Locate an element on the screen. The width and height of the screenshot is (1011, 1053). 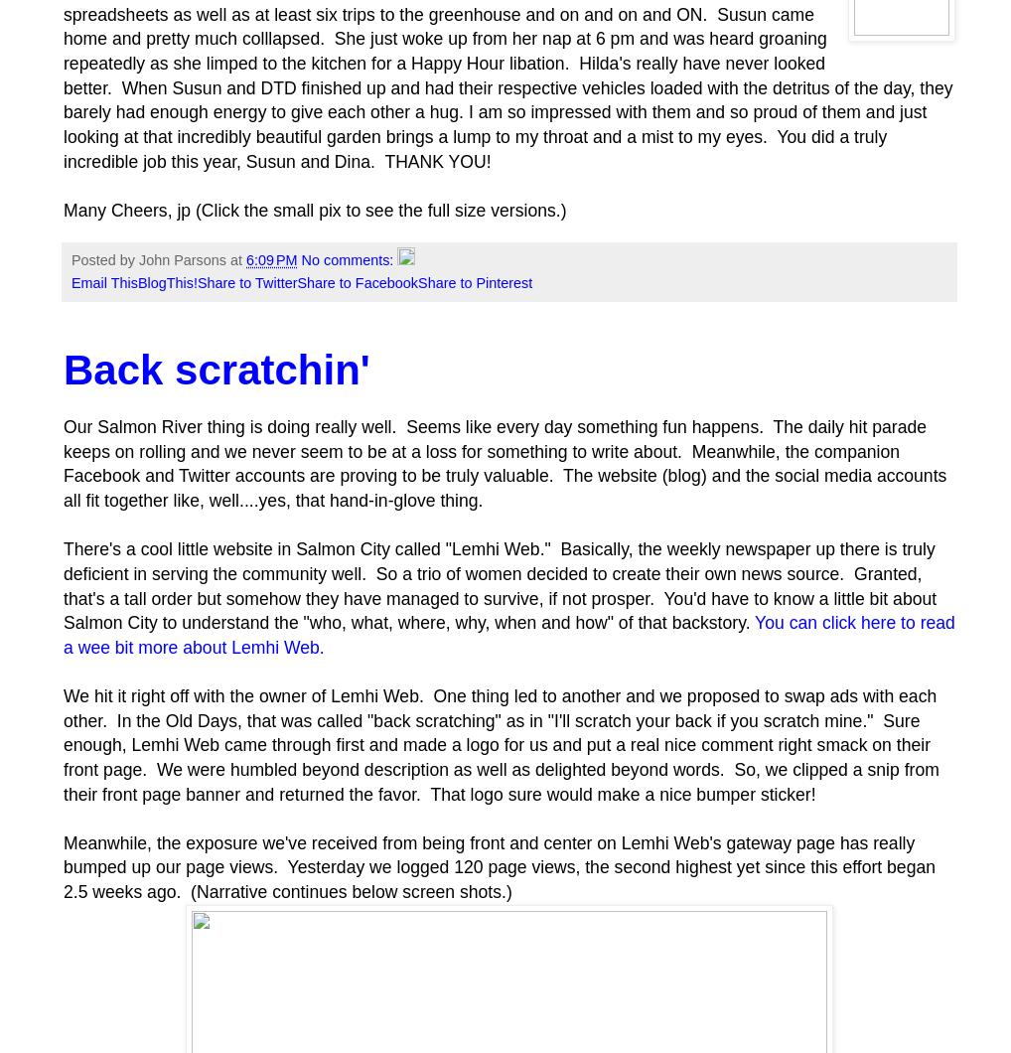
'Meanwhile, the exposure we've received from being front and center on Lemhi Web's gateway page has really bumped up our page views.  Yesterday we logged 120 page views, the second highest yet since this effort began 2.5 weeks ago.  (Narrative continues below screen shots.)' is located at coordinates (499, 867).